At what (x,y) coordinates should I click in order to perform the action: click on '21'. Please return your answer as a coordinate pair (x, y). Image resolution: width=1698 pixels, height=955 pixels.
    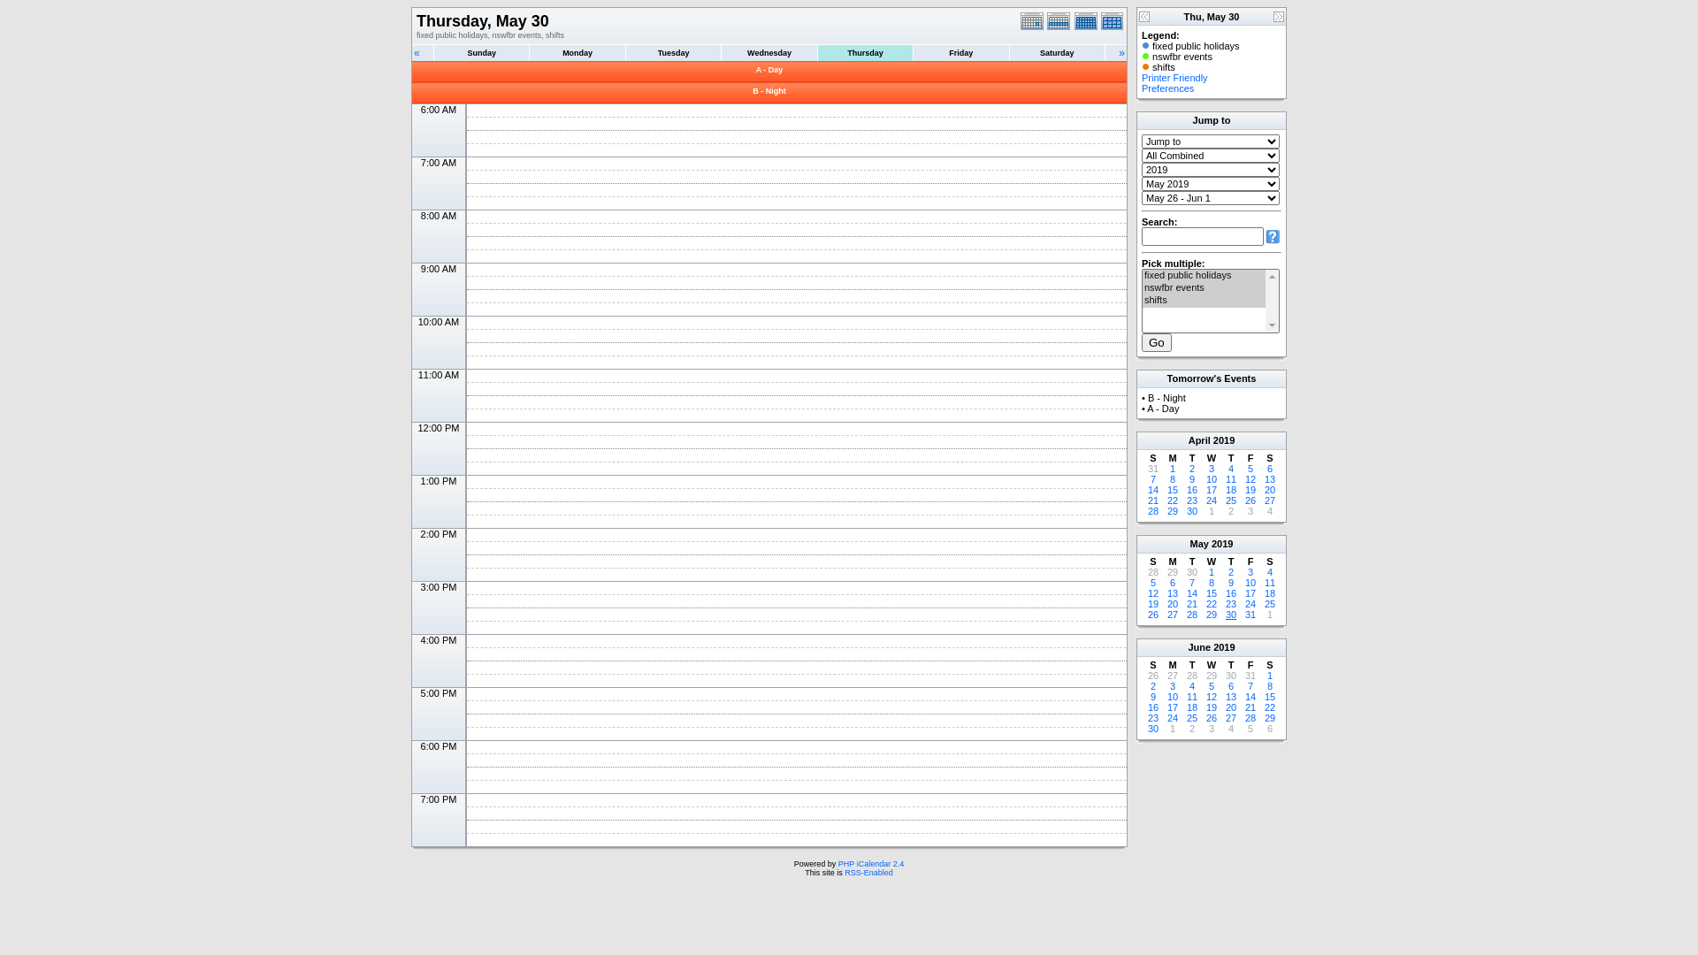
    Looking at the image, I should click on (1187, 602).